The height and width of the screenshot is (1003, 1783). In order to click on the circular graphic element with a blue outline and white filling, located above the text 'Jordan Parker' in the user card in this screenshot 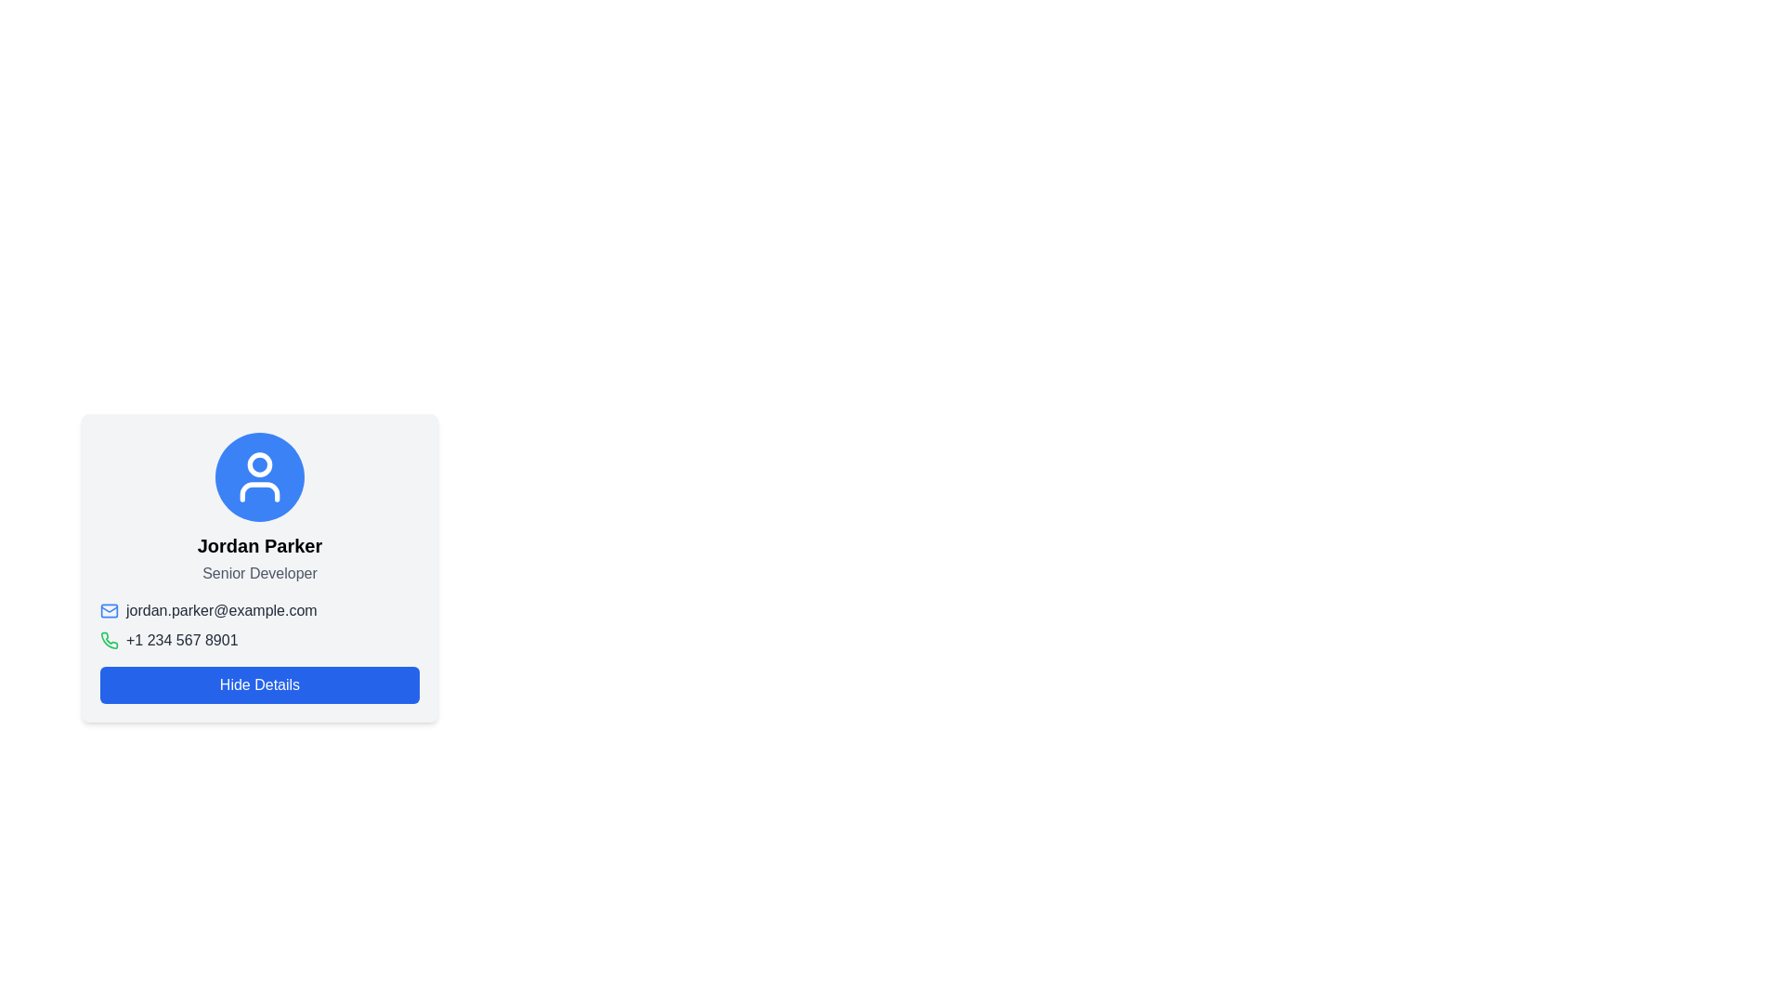, I will do `click(258, 463)`.